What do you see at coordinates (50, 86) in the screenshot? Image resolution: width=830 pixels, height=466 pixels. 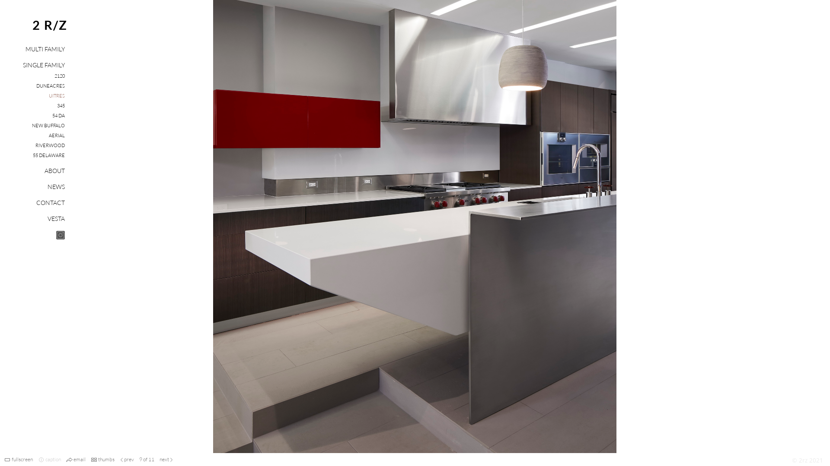 I see `'DUNEACRES'` at bounding box center [50, 86].